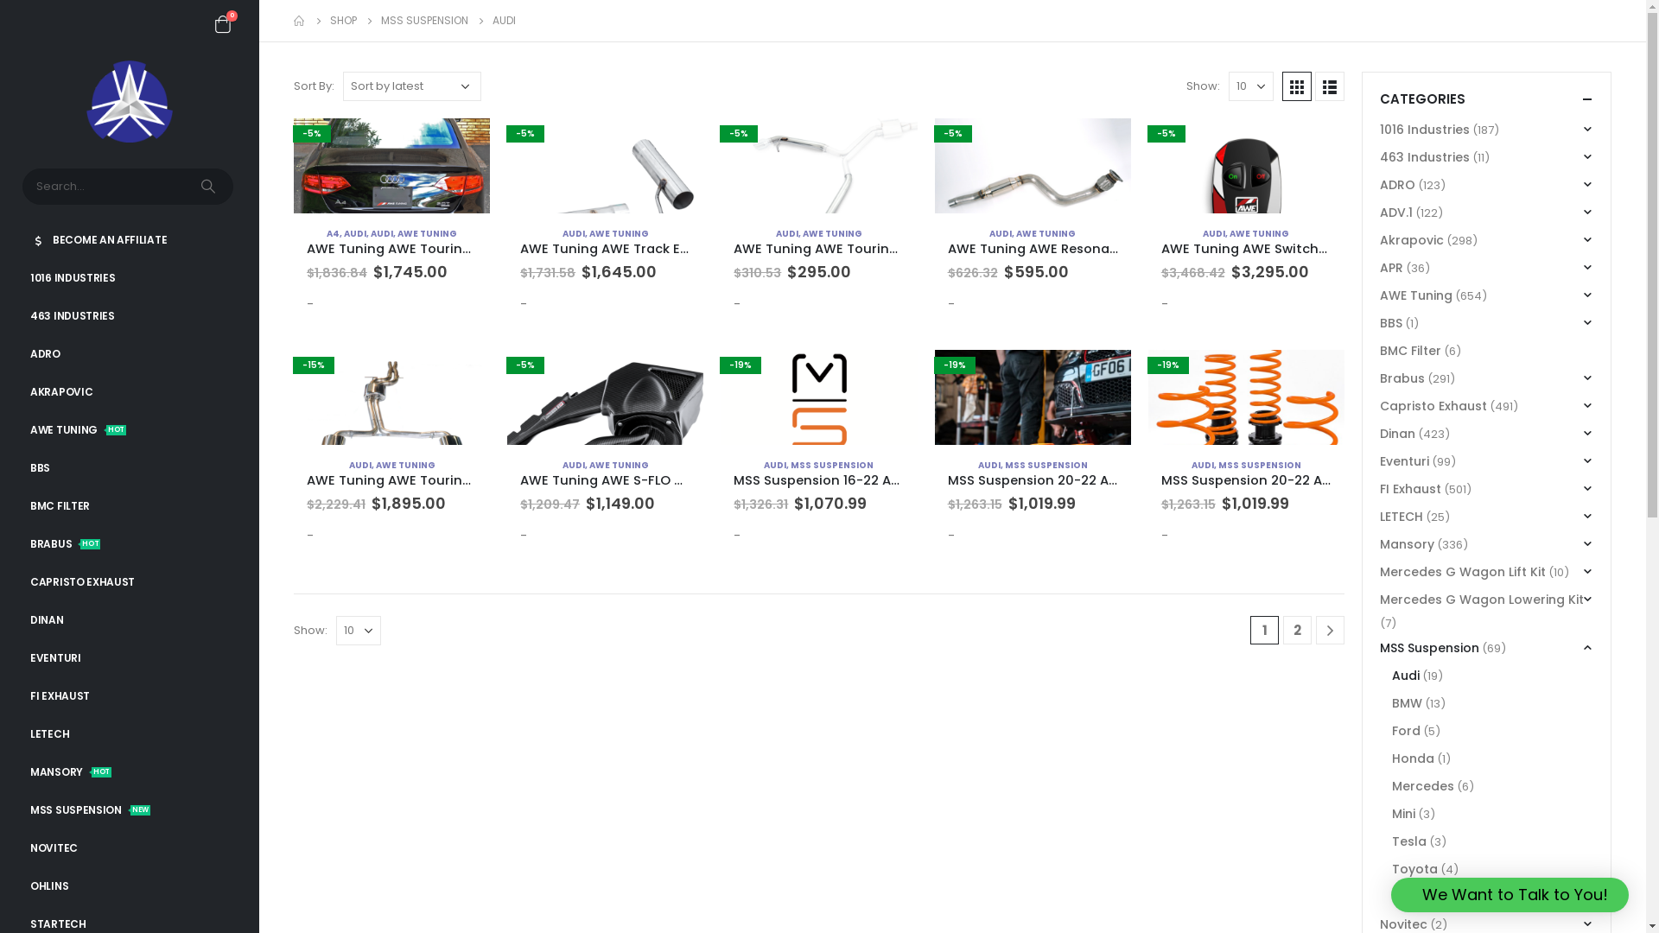 This screenshot has width=1659, height=933. Describe the element at coordinates (1329, 86) in the screenshot. I see `'List View'` at that location.